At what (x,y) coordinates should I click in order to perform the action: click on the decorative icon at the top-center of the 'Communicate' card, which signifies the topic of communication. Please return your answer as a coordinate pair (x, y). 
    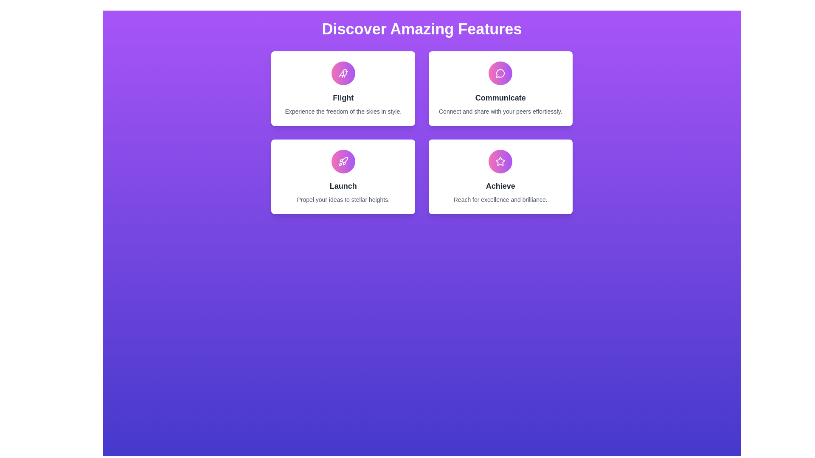
    Looking at the image, I should click on (500, 73).